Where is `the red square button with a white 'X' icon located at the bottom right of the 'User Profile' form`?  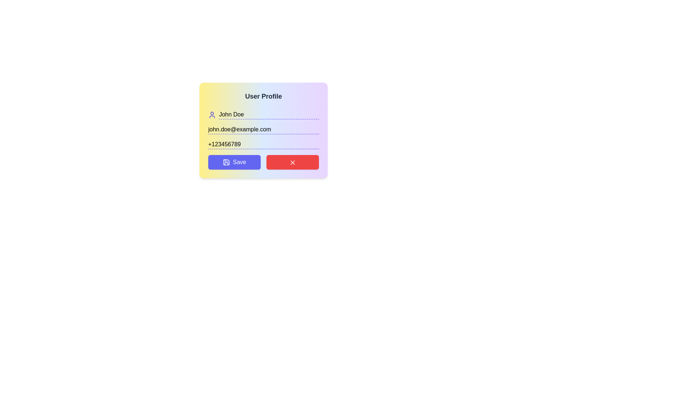
the red square button with a white 'X' icon located at the bottom right of the 'User Profile' form is located at coordinates (293, 162).